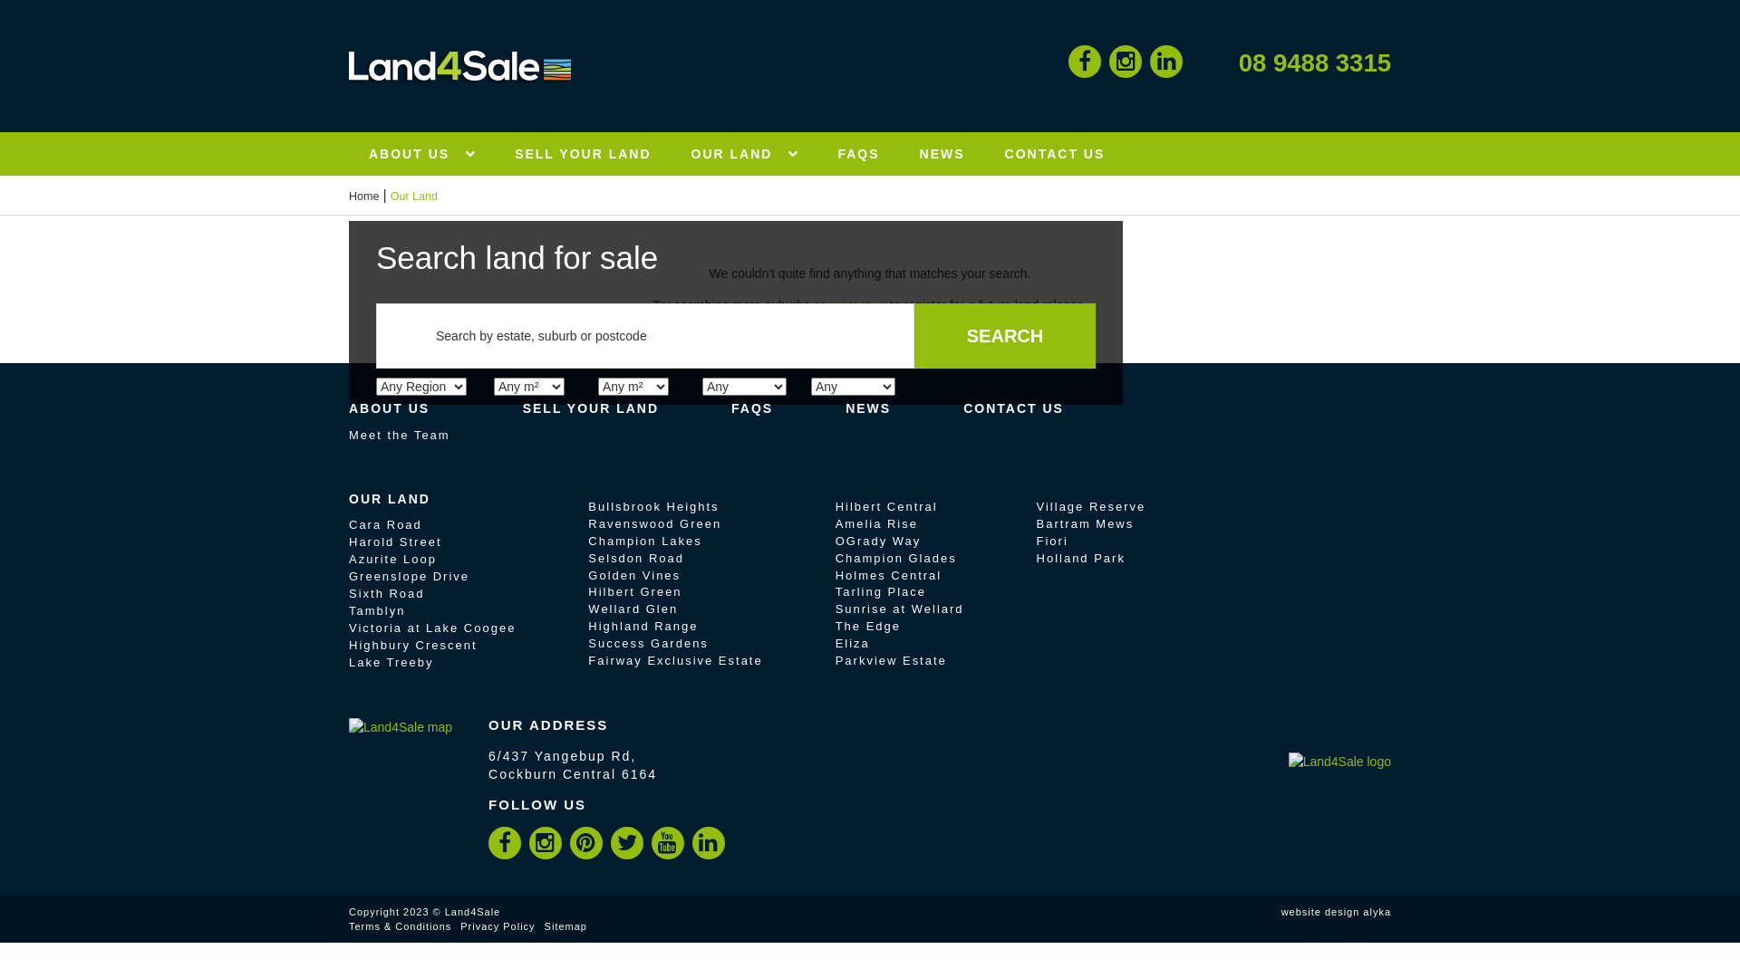  What do you see at coordinates (653, 523) in the screenshot?
I see `'Ravenswood Green'` at bounding box center [653, 523].